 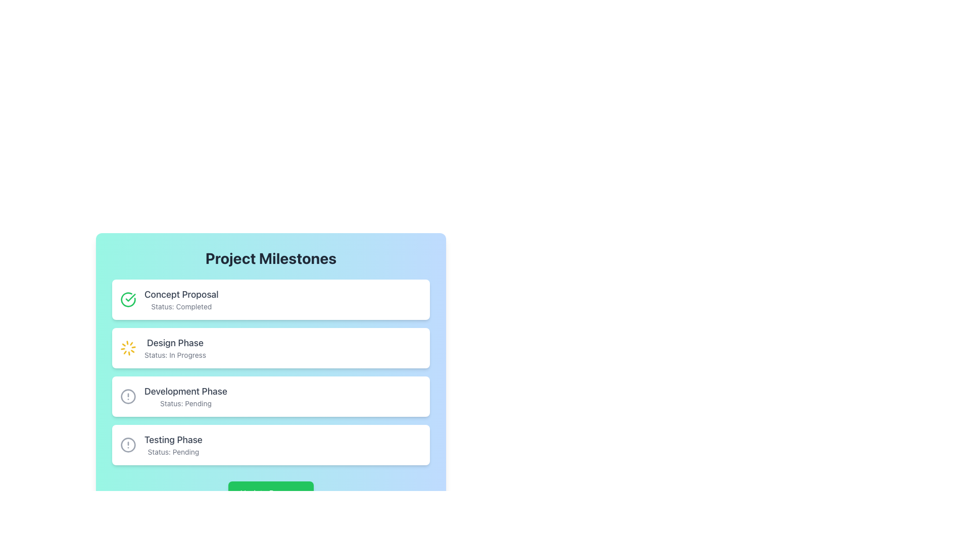 What do you see at coordinates (271, 493) in the screenshot?
I see `the button located at the bottom of the 'Project Milestones' section` at bounding box center [271, 493].